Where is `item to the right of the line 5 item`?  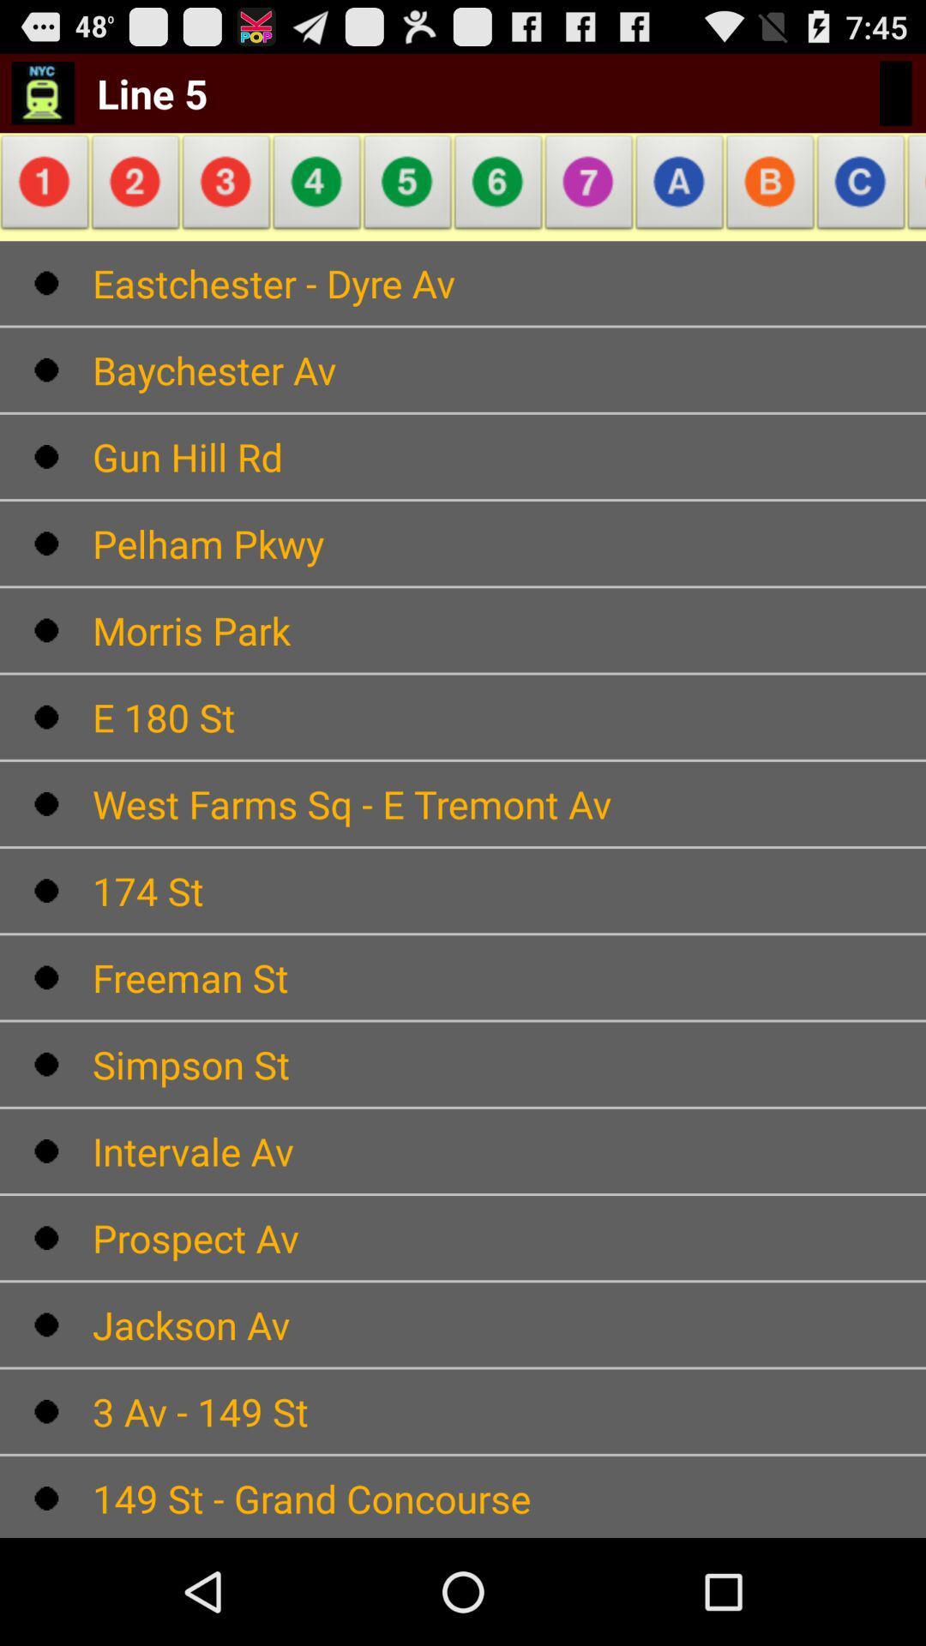 item to the right of the line 5 item is located at coordinates (317, 187).